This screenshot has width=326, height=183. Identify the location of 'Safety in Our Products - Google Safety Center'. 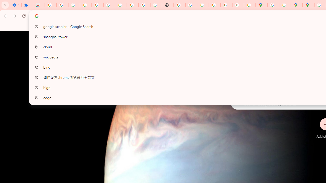
(284, 5).